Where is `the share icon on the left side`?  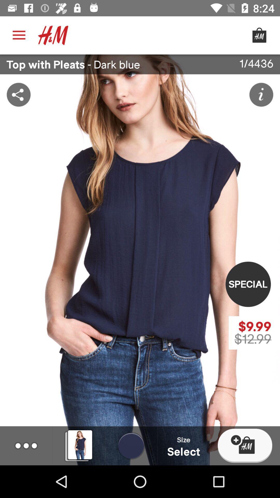
the share icon on the left side is located at coordinates (18, 94).